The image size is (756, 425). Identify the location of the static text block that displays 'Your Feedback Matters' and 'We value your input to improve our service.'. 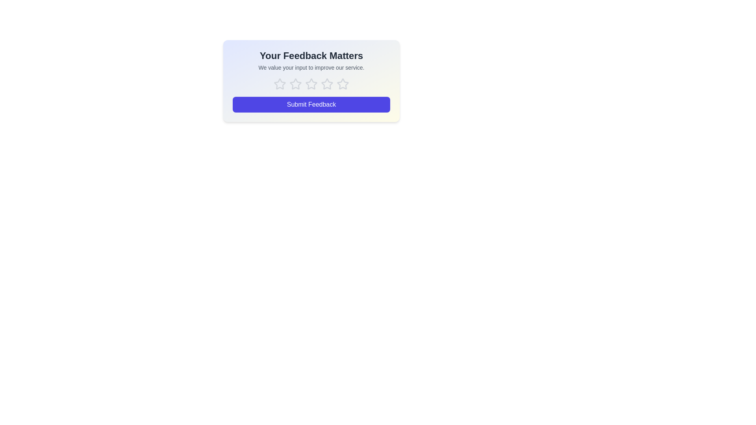
(311, 60).